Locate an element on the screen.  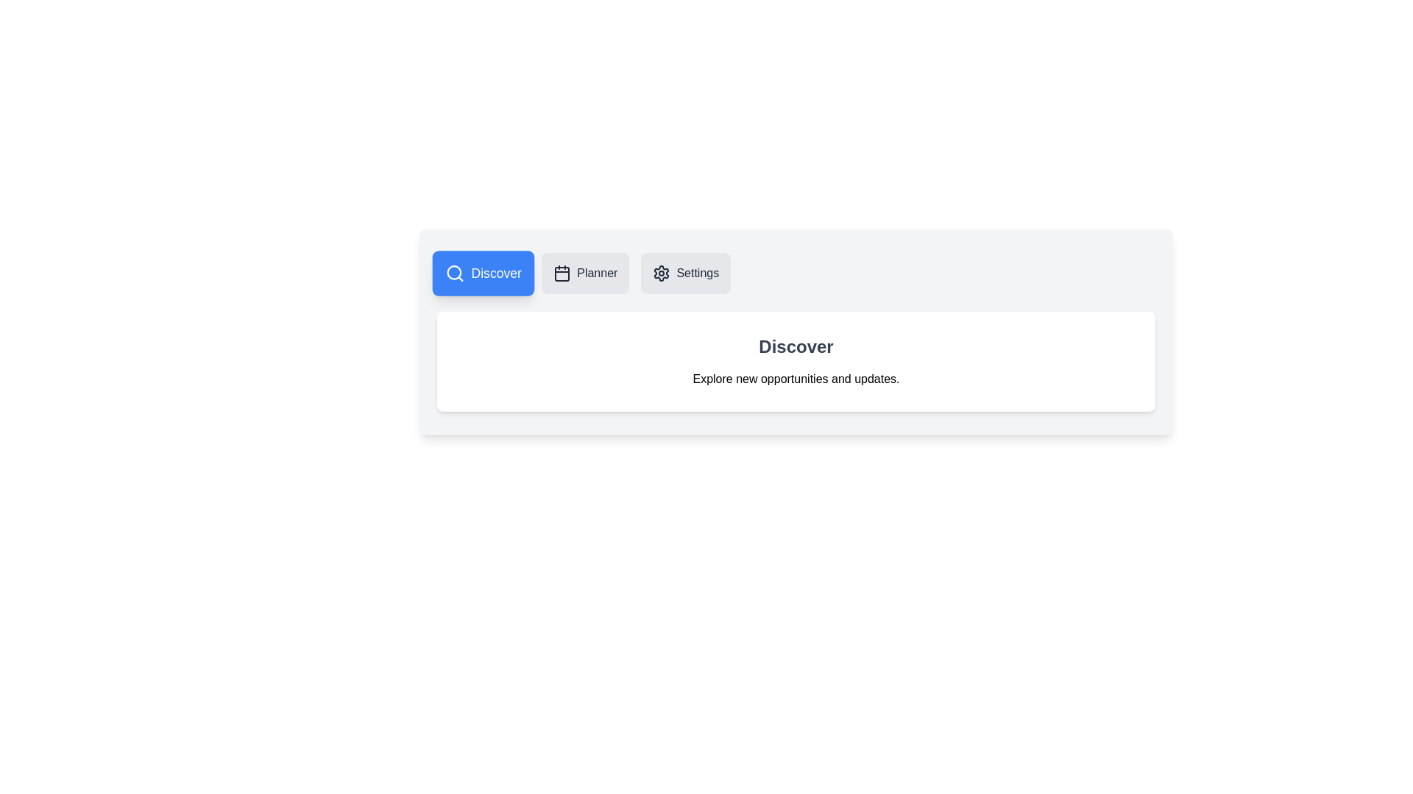
the tab labeled Discover to view its content is located at coordinates (484, 273).